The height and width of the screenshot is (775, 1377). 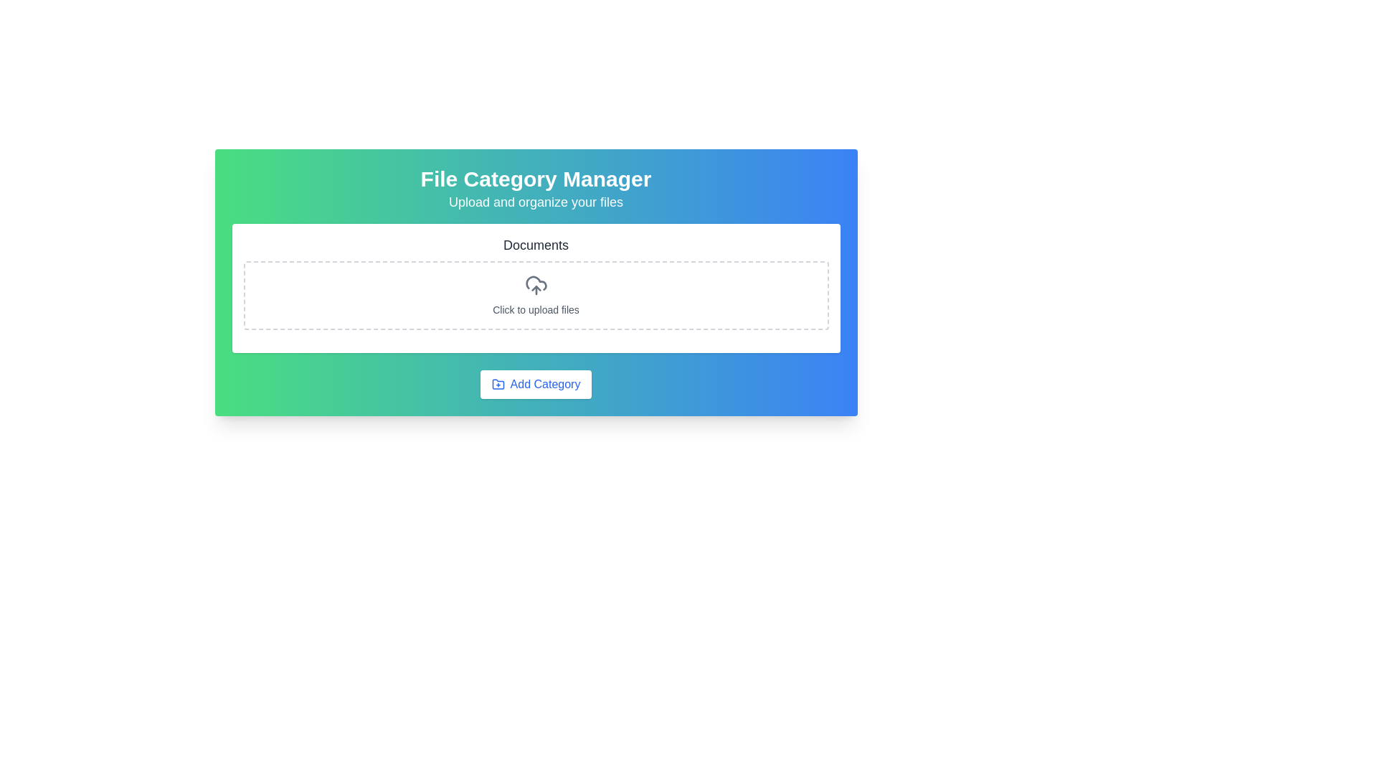 What do you see at coordinates (498, 384) in the screenshot?
I see `the 'Add Category' button that contains the icon on the left side of the text label` at bounding box center [498, 384].